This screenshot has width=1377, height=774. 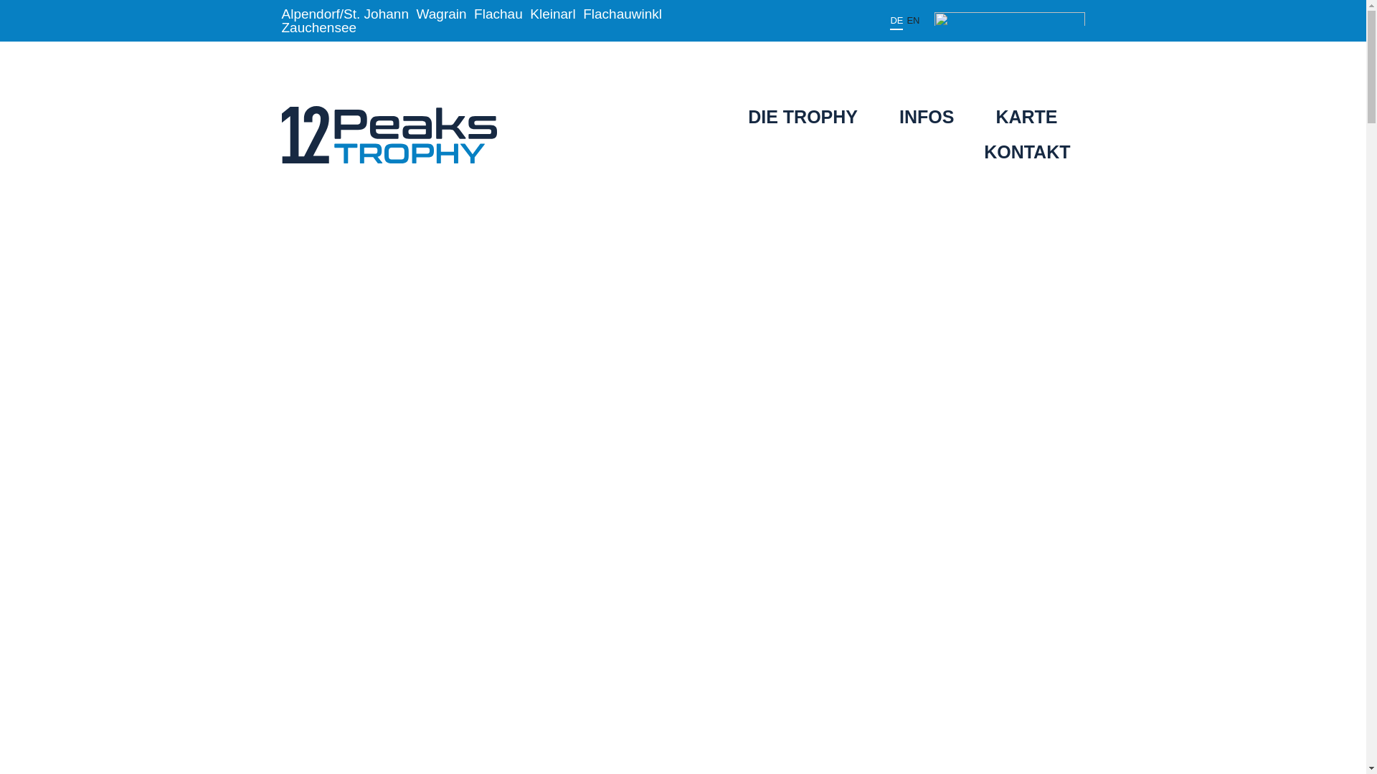 I want to click on 'EN', so click(x=905, y=19).